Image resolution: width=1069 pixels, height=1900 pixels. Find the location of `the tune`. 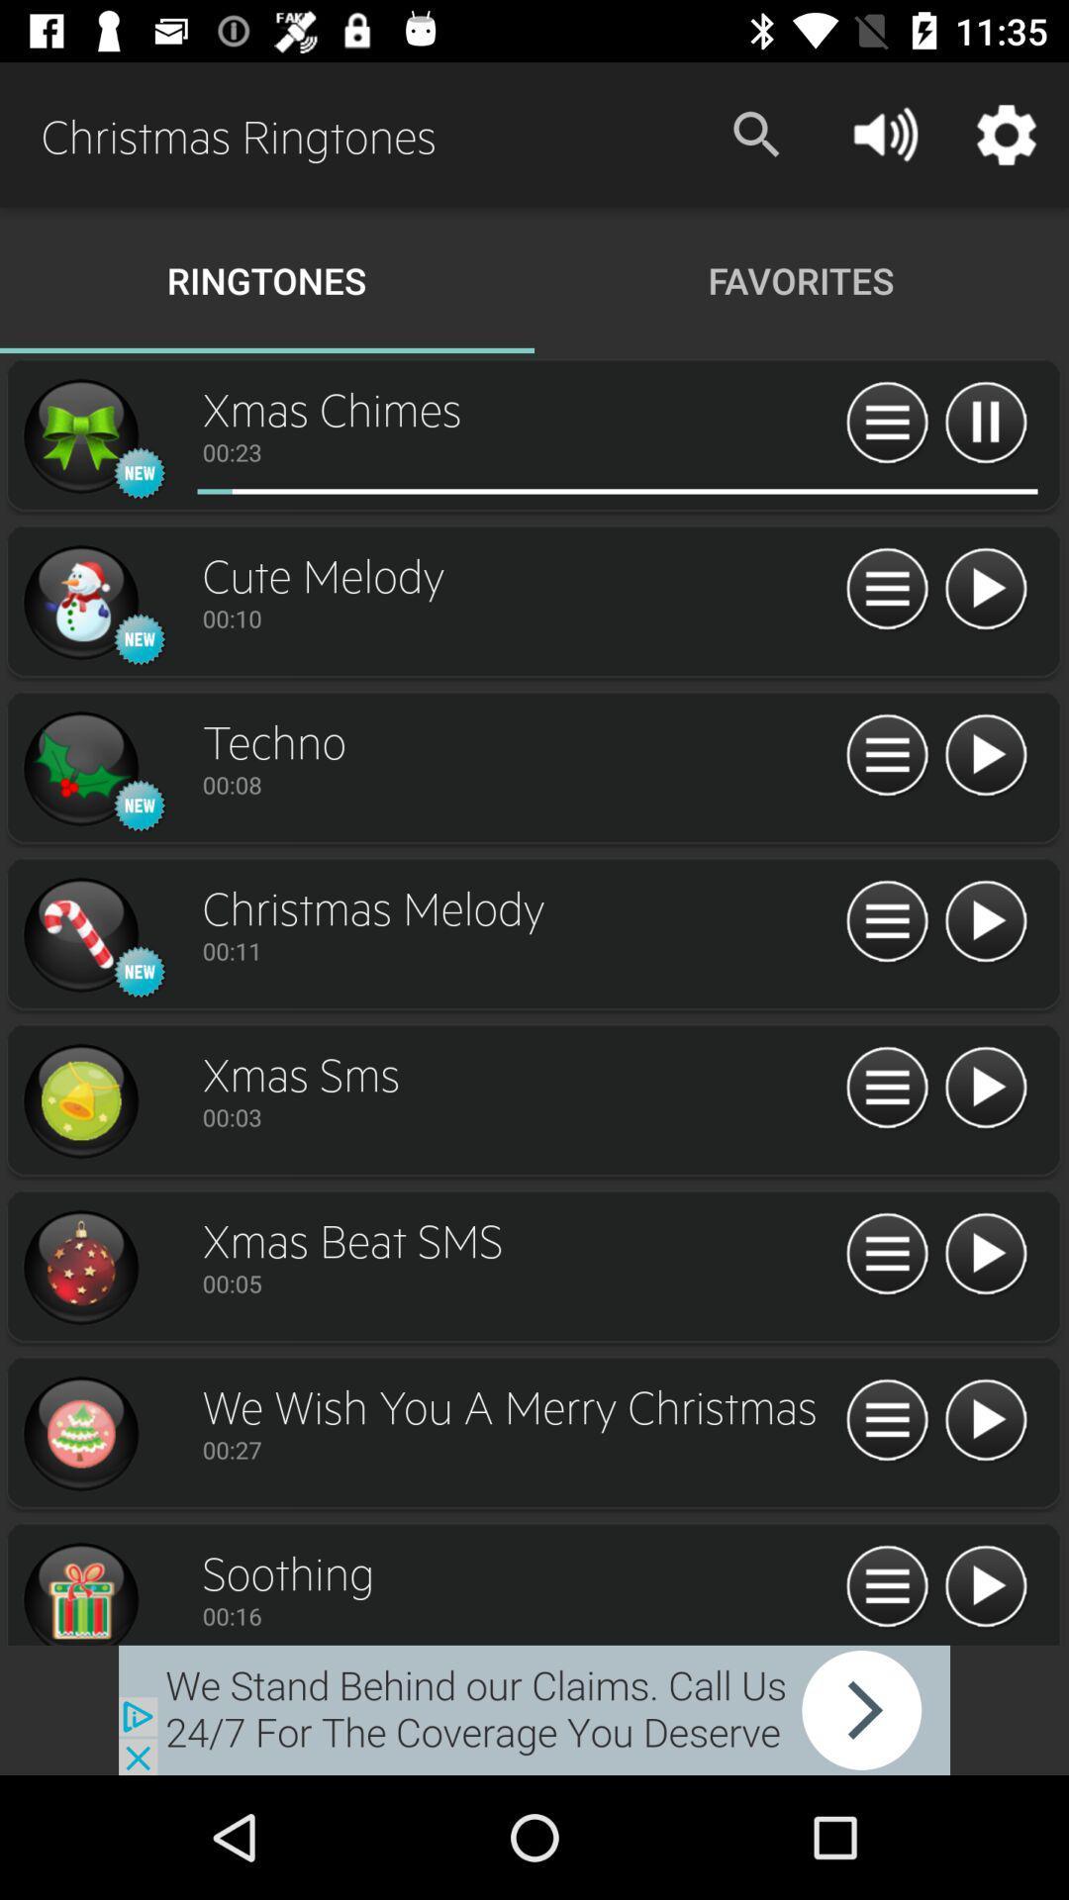

the tune is located at coordinates (985, 755).